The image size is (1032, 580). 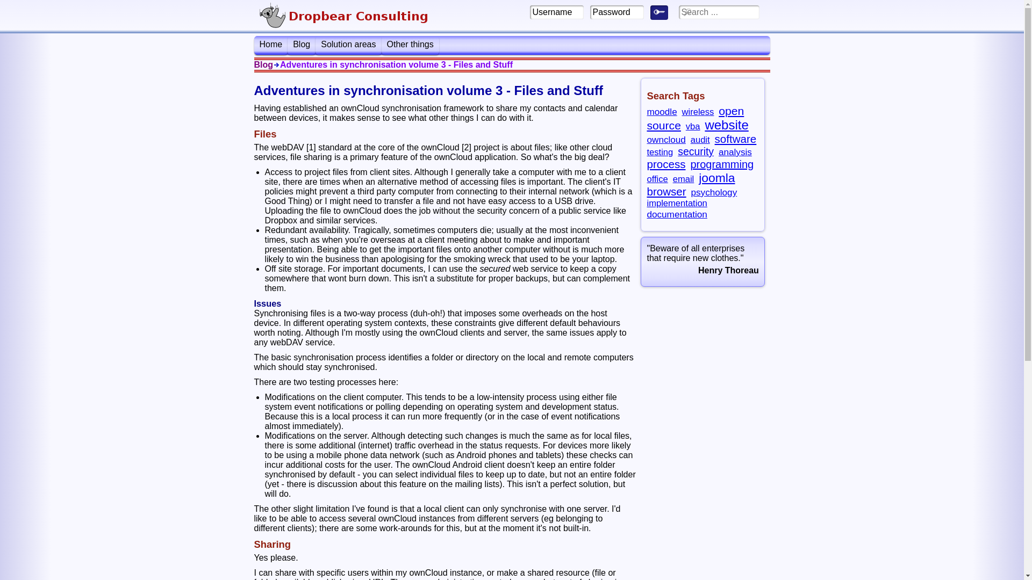 I want to click on 'analysis', so click(x=735, y=151).